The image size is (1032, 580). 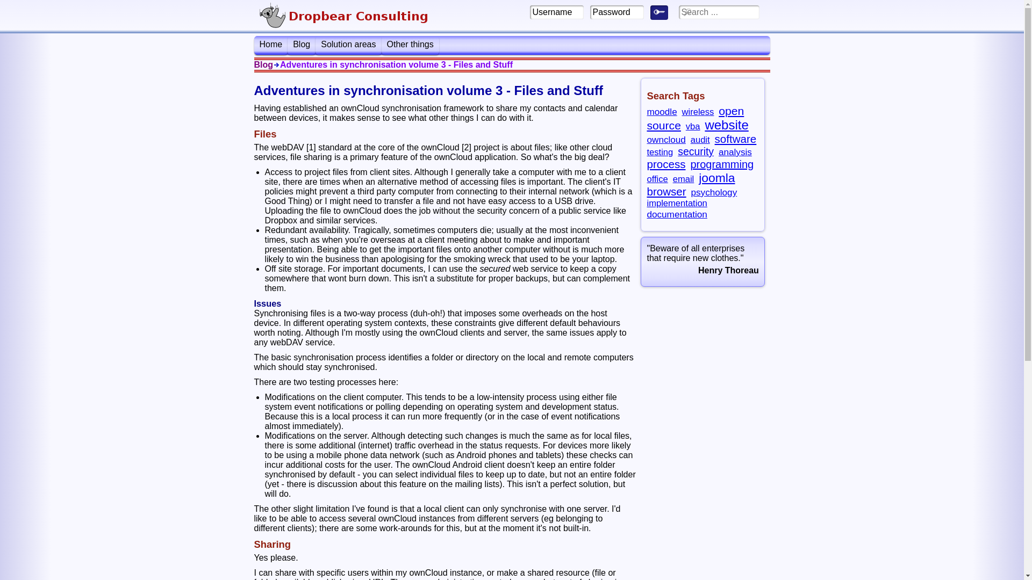 I want to click on 'analysis', so click(x=735, y=151).